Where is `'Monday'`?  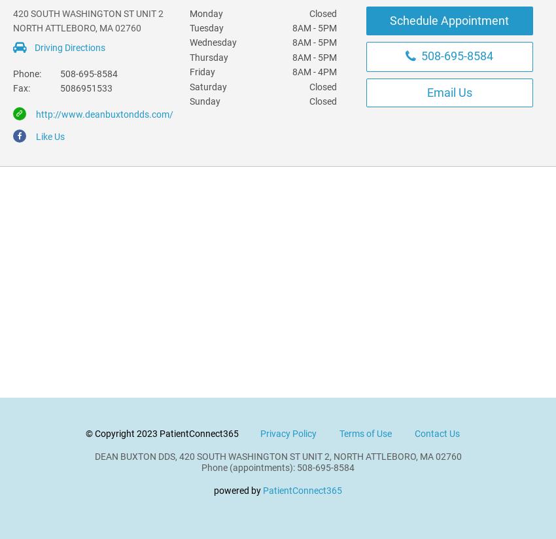
'Monday' is located at coordinates (205, 12).